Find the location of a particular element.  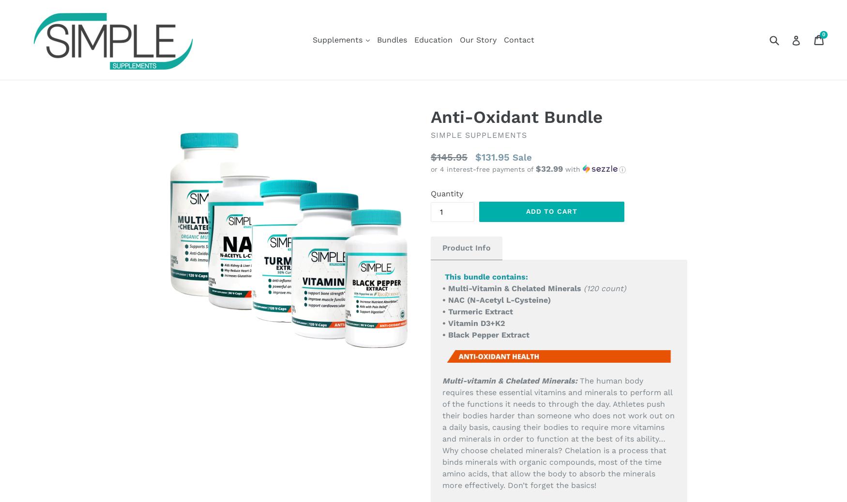

'$131.95' is located at coordinates (493, 156).